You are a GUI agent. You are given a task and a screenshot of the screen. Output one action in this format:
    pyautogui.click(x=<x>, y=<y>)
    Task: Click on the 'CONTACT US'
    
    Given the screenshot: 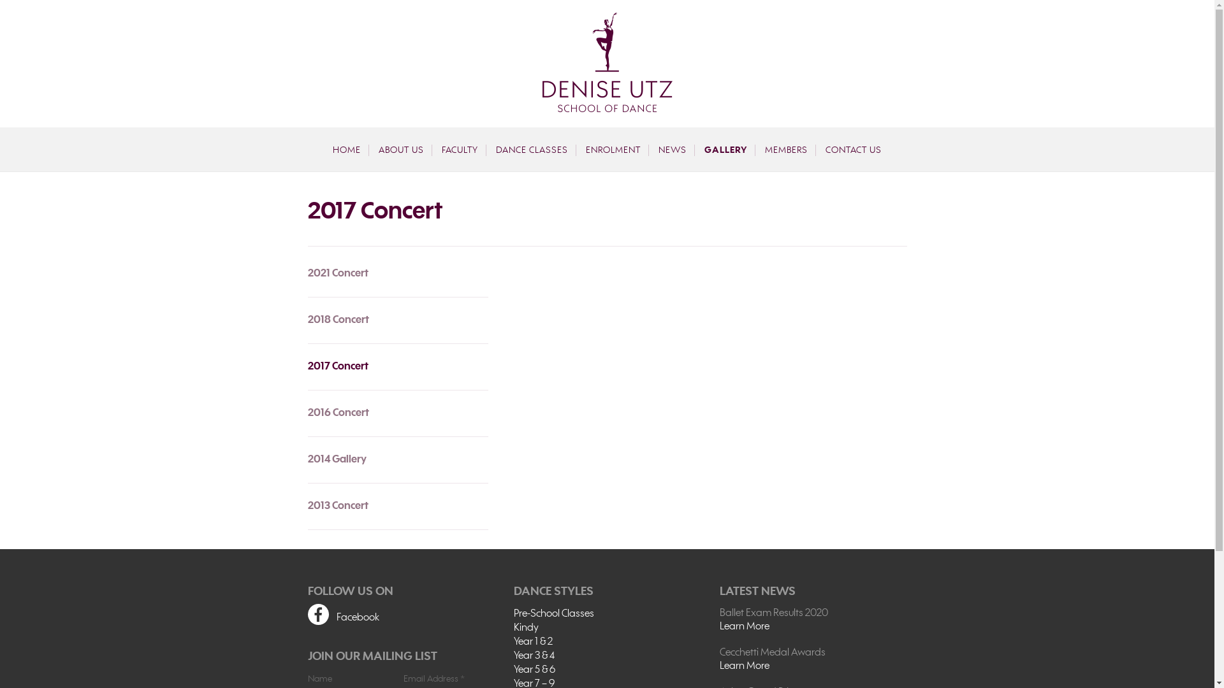 What is the action you would take?
    pyautogui.click(x=854, y=149)
    